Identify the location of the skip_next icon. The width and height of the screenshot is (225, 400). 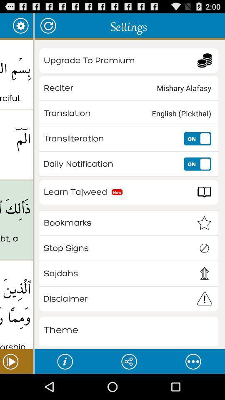
(16, 387).